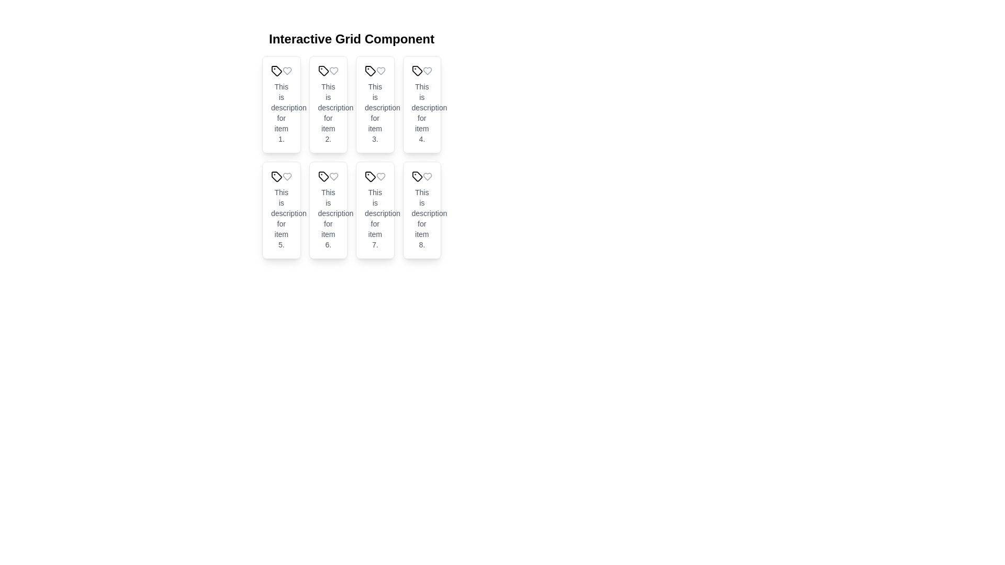 The width and height of the screenshot is (1005, 565). Describe the element at coordinates (287, 71) in the screenshot. I see `the heart-shaped icon with a hollow design, located beside the tag icon in the top-right section of 'Tile 1'` at that location.